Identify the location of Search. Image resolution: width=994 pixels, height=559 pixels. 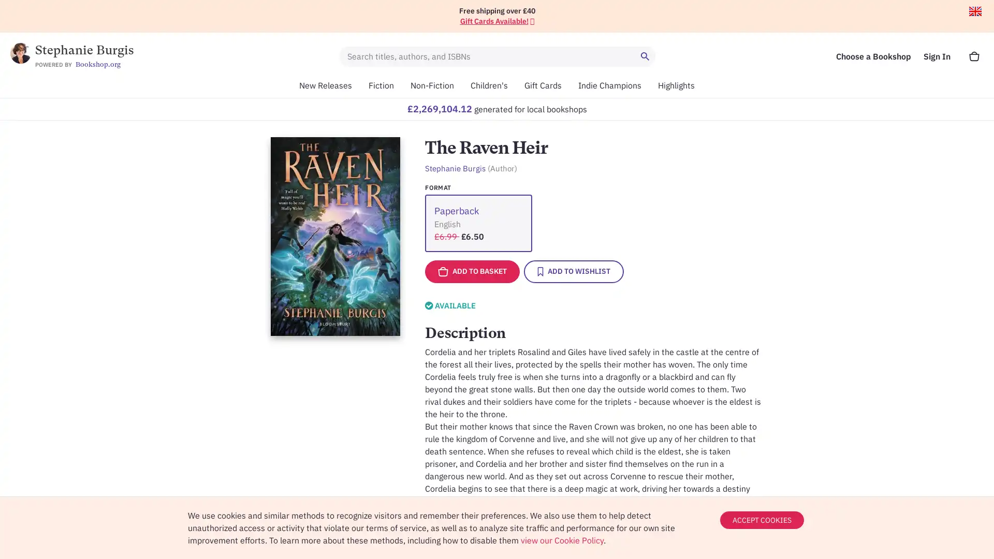
(646, 56).